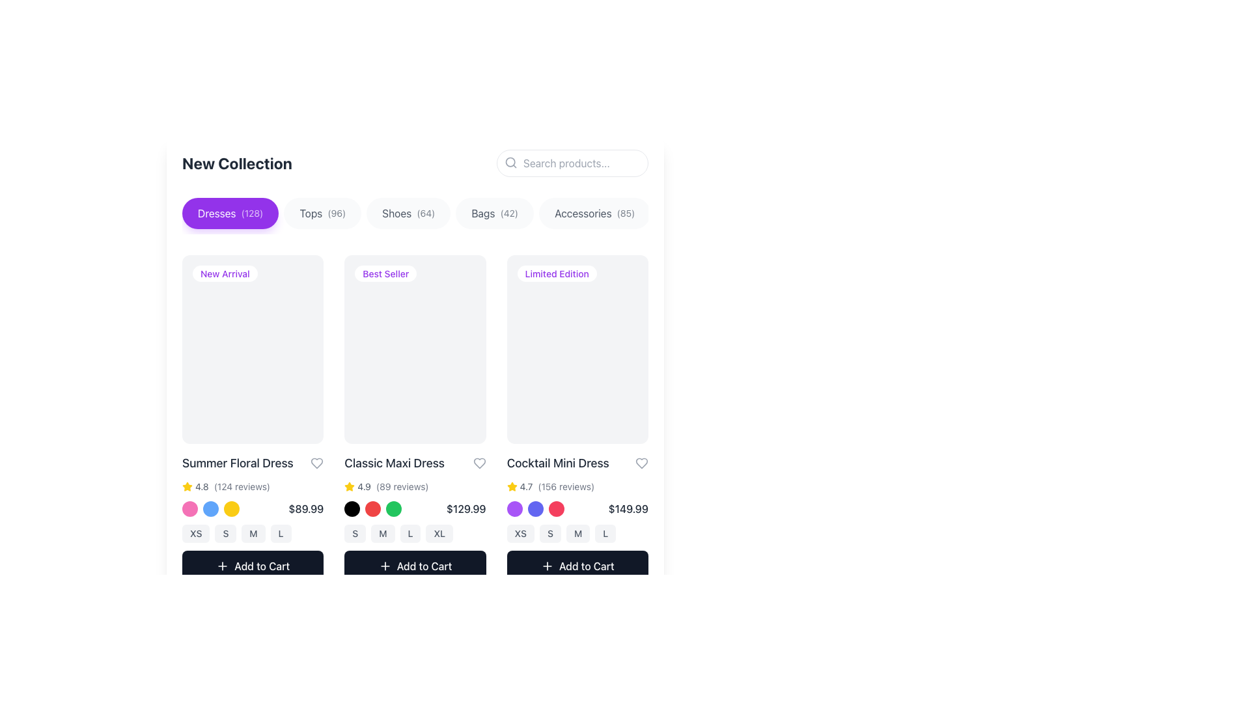 The width and height of the screenshot is (1250, 703). What do you see at coordinates (189, 507) in the screenshot?
I see `the pink color selector indicator for the Summer Floral Dress` at bounding box center [189, 507].